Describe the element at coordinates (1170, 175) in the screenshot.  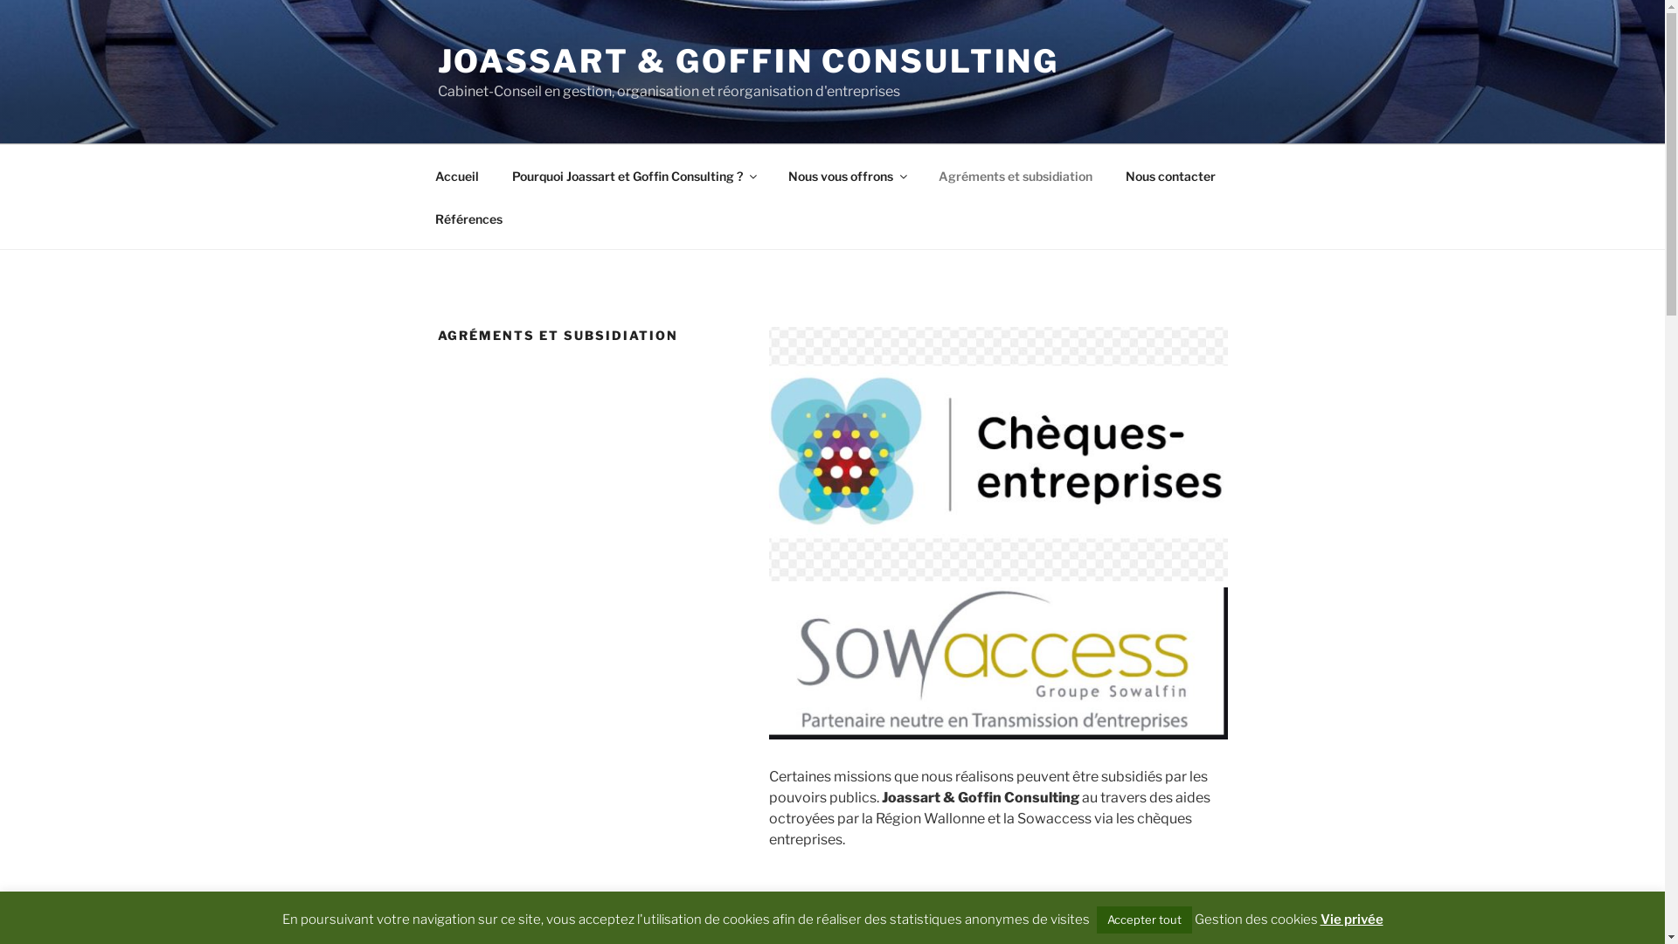
I see `'Nous contacter'` at that location.